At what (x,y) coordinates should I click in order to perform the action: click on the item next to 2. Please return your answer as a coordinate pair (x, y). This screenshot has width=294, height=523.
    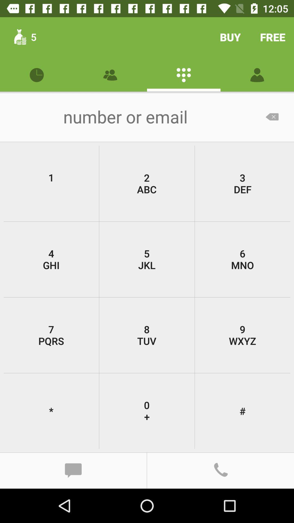
    Looking at the image, I should click on (242, 183).